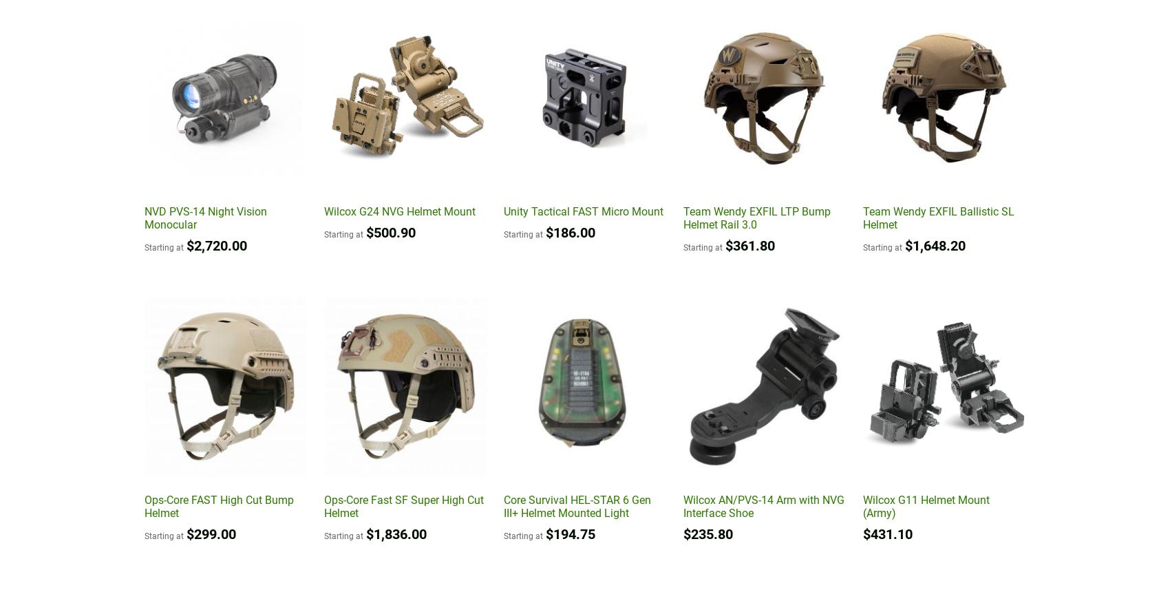 The height and width of the screenshot is (601, 1170). I want to click on 'NVD PVS-14 Night Vision Monocular', so click(206, 218).